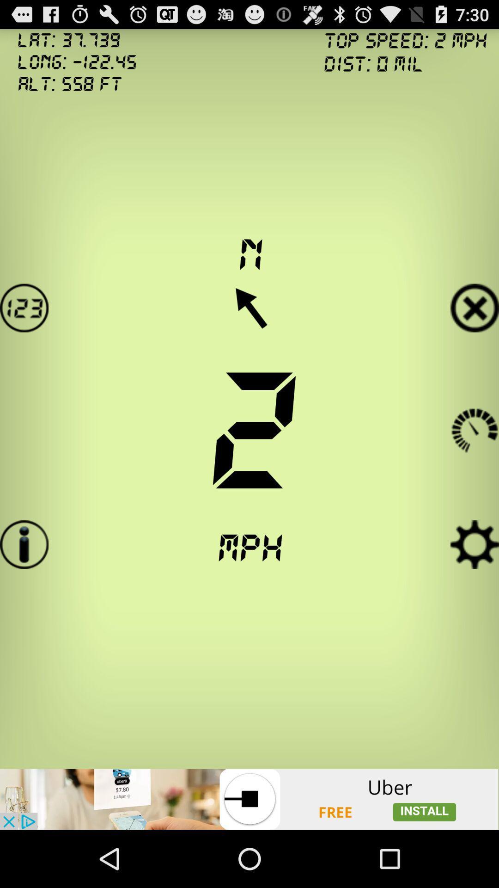 This screenshot has width=499, height=888. I want to click on the info icon, so click(24, 582).